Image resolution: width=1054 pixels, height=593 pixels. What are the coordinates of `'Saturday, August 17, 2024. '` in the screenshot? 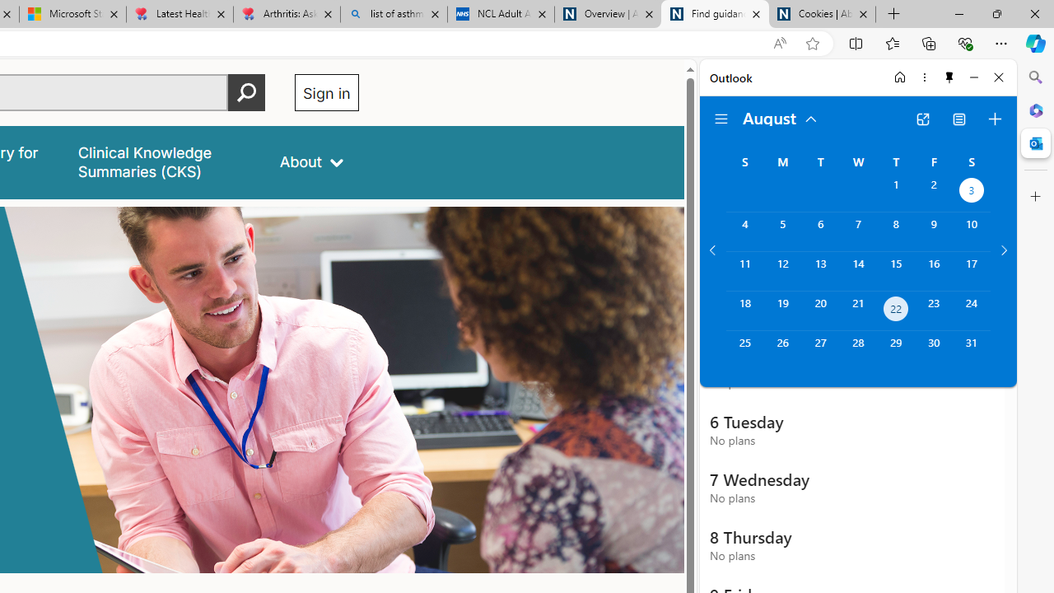 It's located at (972, 270).